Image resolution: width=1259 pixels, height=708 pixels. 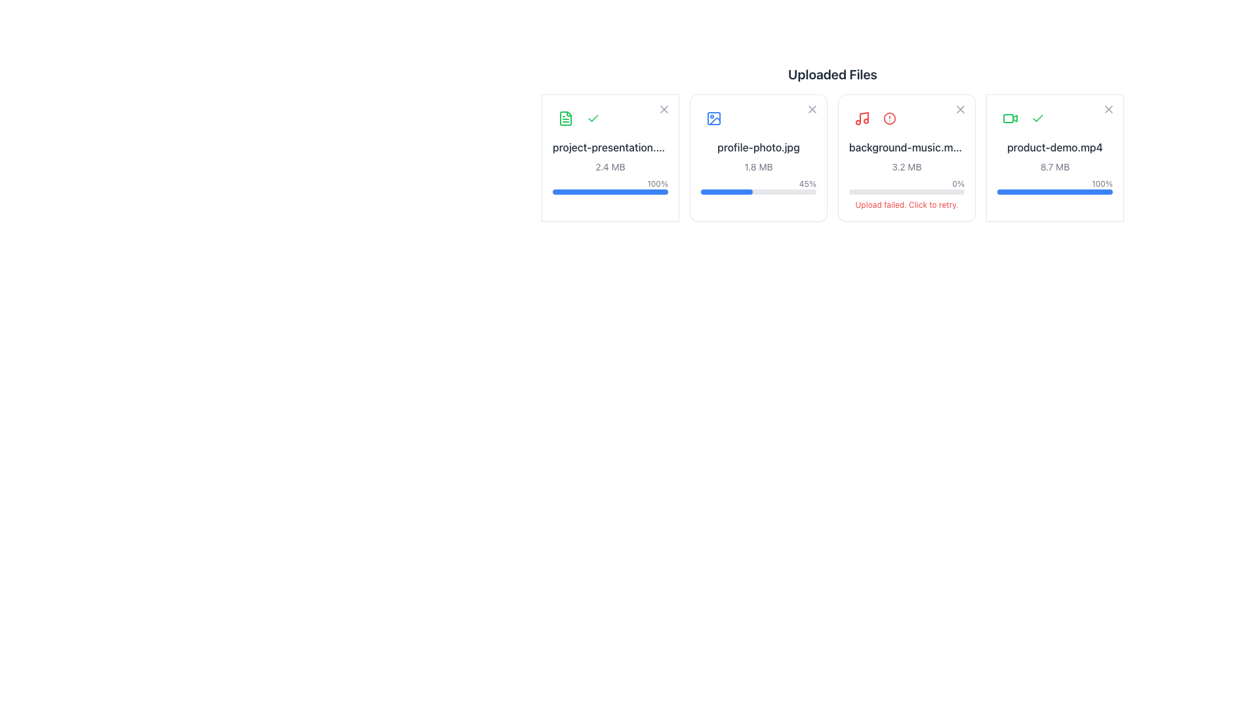 What do you see at coordinates (566, 119) in the screenshot?
I see `the compact document icon with a green theme located in the upper-left corner of the 'project-presentation' file upload card` at bounding box center [566, 119].